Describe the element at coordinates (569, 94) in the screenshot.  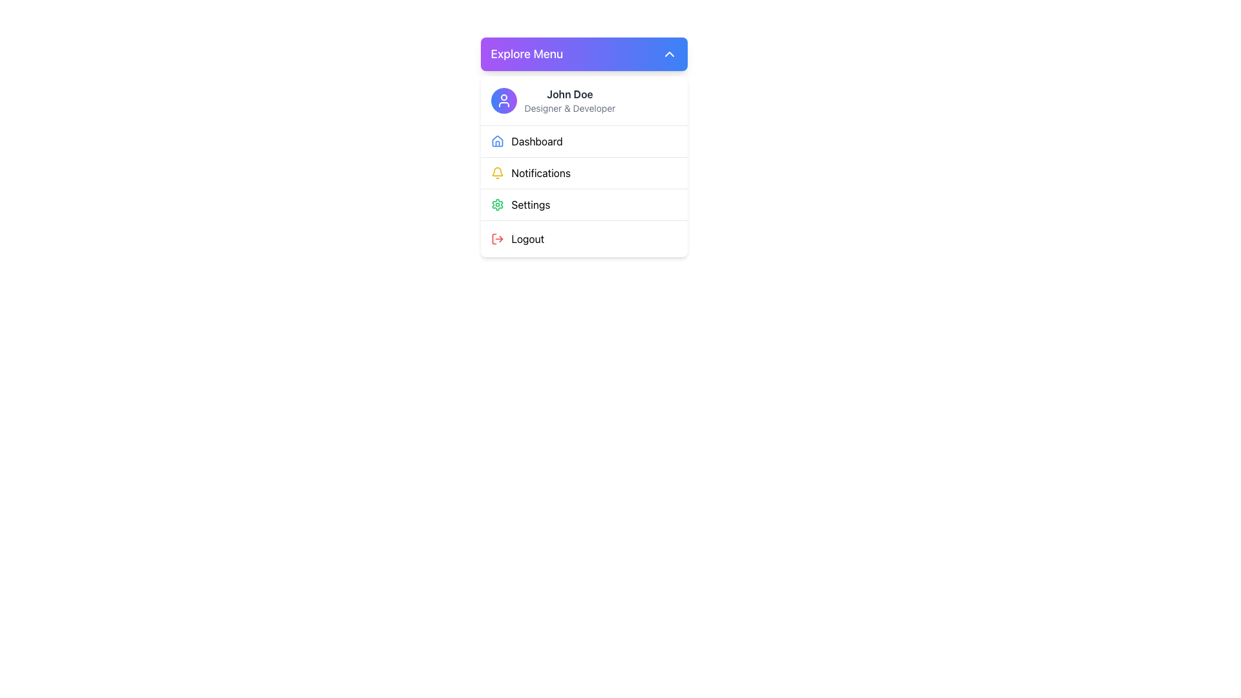
I see `the user's name text element located in the 'Explore Menu' dropdown, positioned above 'Designer & Developer' and aligned with the profile icon` at that location.